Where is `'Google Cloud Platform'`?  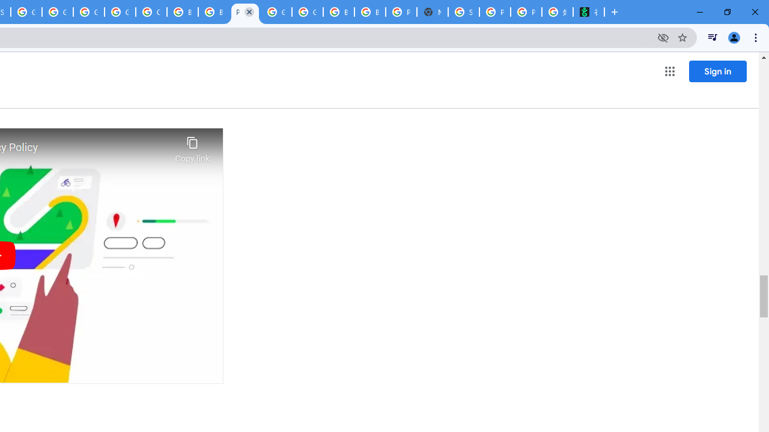
'Google Cloud Platform' is located at coordinates (276, 12).